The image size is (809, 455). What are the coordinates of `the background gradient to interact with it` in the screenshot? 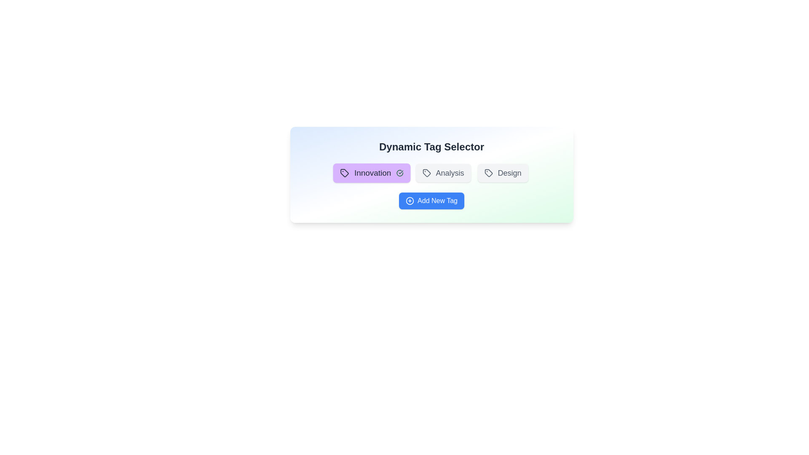 It's located at (431, 174).